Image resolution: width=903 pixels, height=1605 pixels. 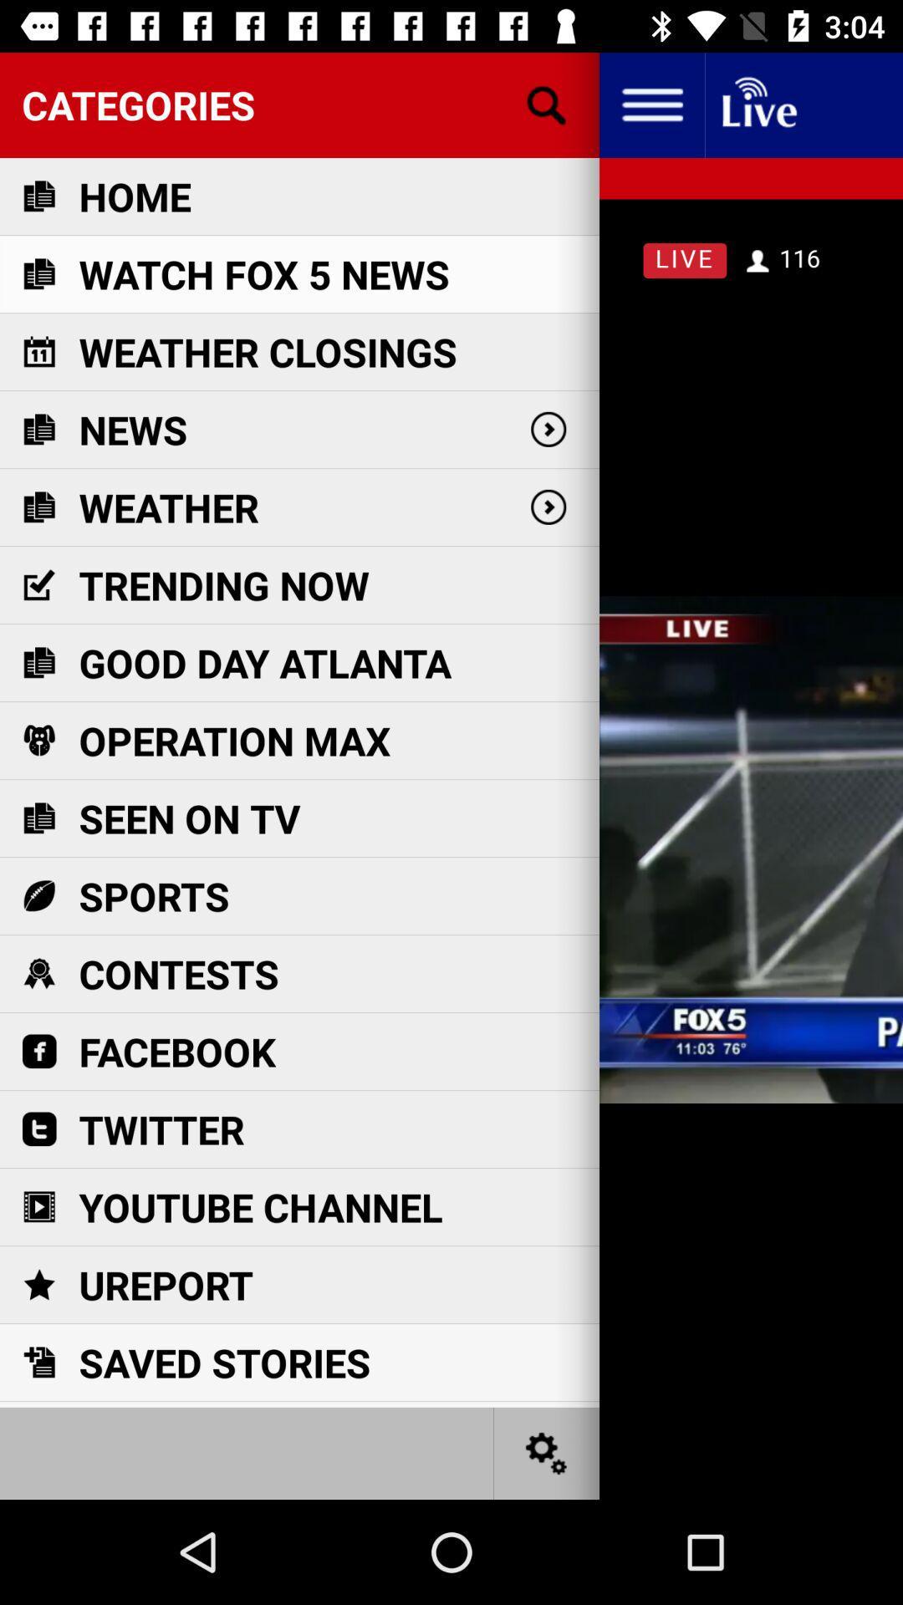 I want to click on live streaming, so click(x=758, y=104).